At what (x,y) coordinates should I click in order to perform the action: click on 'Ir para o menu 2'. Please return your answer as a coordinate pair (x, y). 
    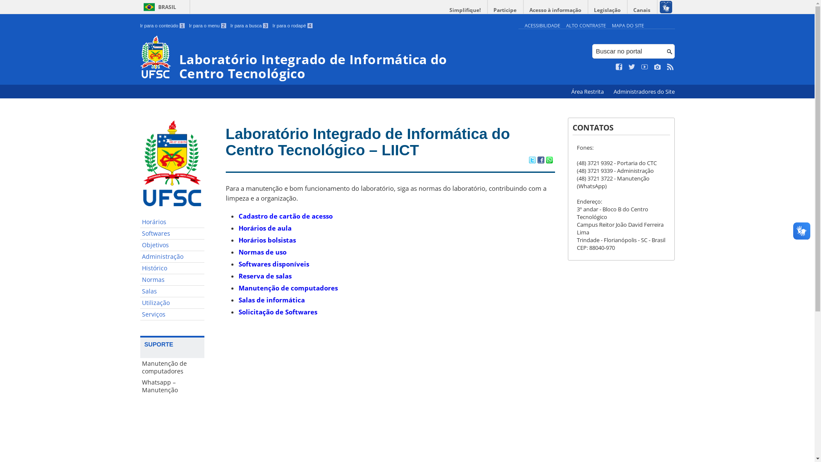
    Looking at the image, I should click on (207, 25).